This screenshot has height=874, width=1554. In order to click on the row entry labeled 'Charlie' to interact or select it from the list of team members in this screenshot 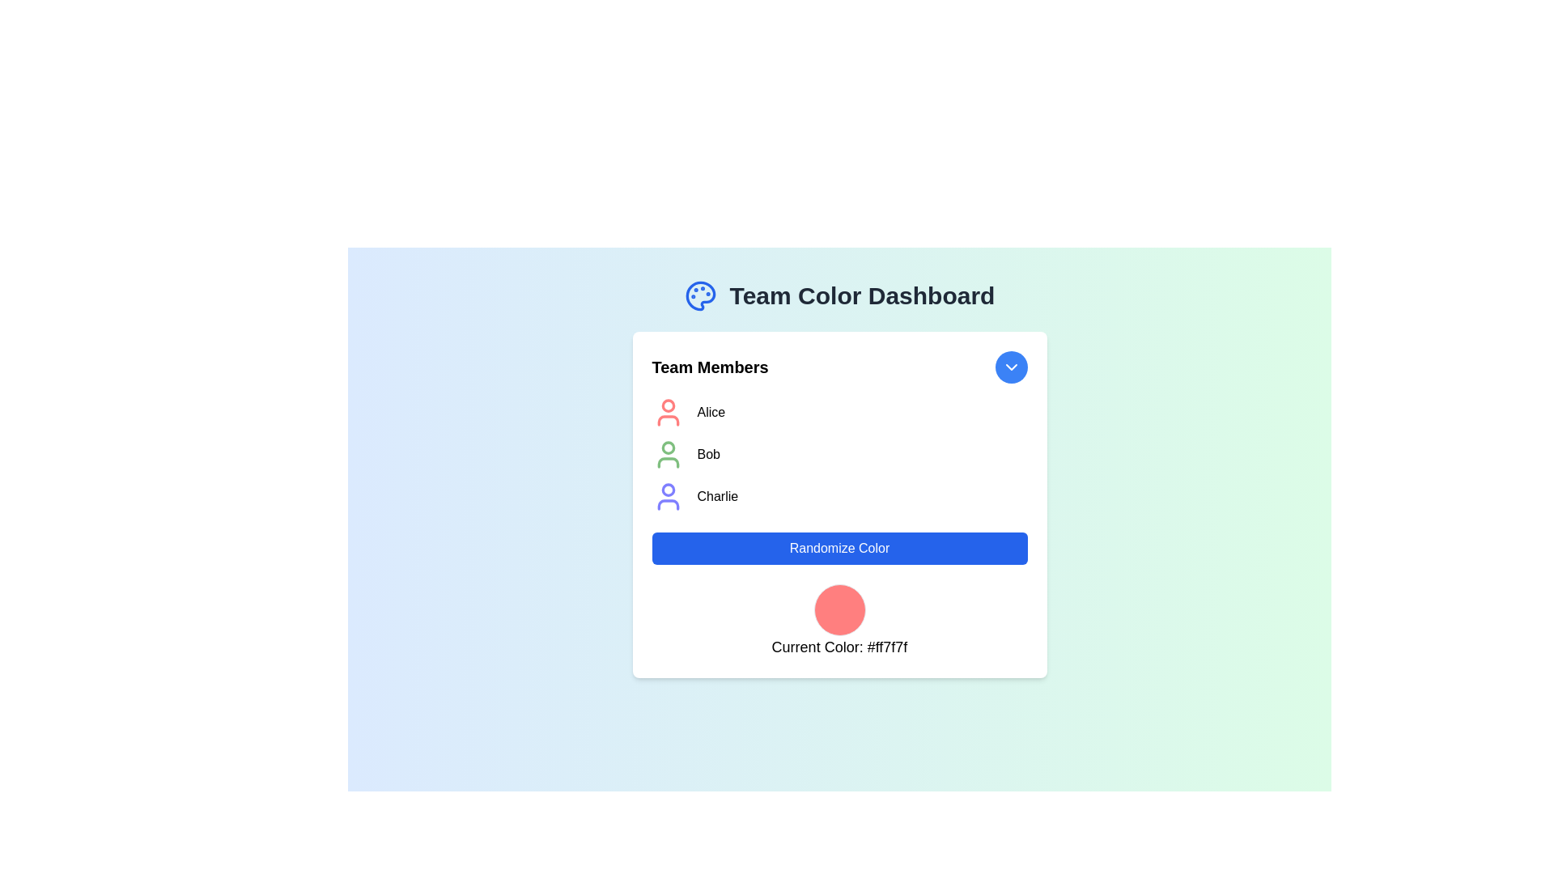, I will do `click(839, 495)`.